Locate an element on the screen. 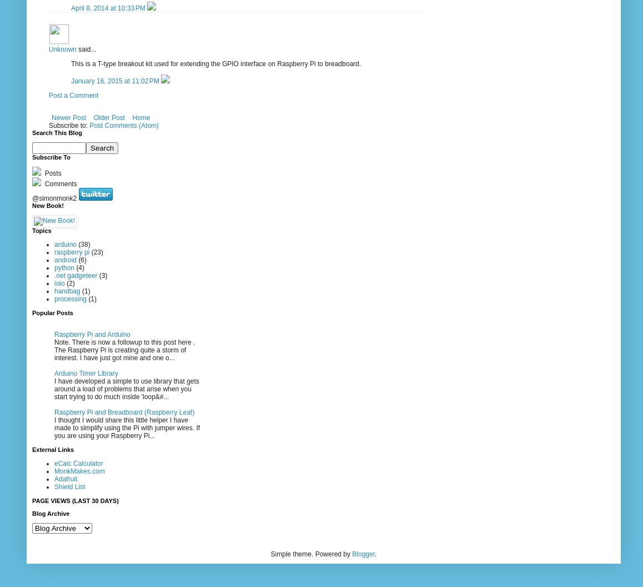 The width and height of the screenshot is (643, 587). 'Older Post' is located at coordinates (109, 116).